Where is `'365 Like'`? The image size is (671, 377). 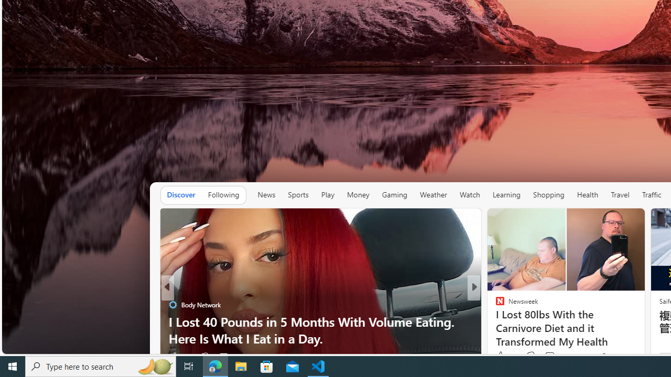 '365 Like' is located at coordinates (502, 356).